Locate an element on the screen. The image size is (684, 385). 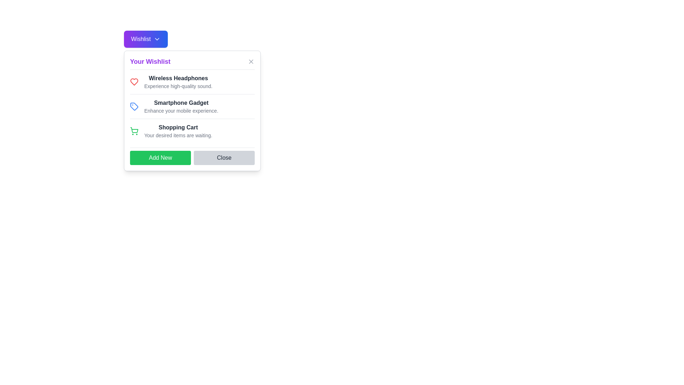
the state of the red heart icon adjacent to the Wireless Headphones entry in the Your Wishlist section to determine its favorited status is located at coordinates (134, 82).